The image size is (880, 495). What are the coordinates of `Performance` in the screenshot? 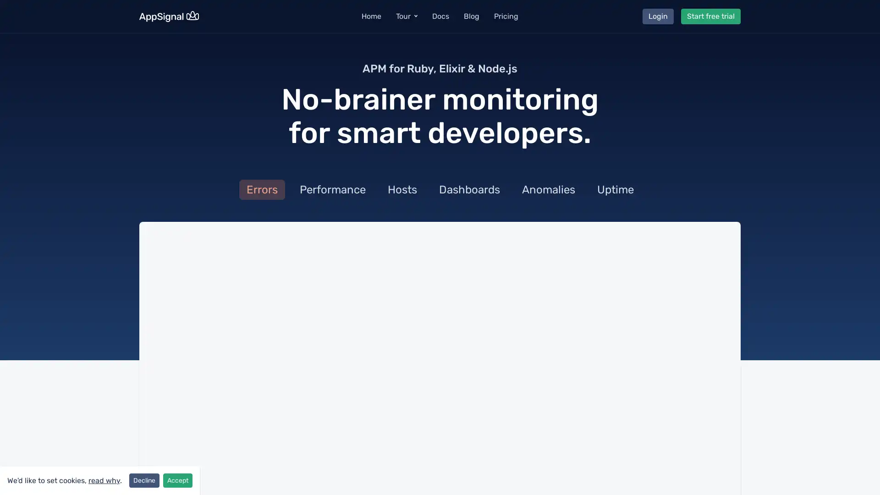 It's located at (331, 188).